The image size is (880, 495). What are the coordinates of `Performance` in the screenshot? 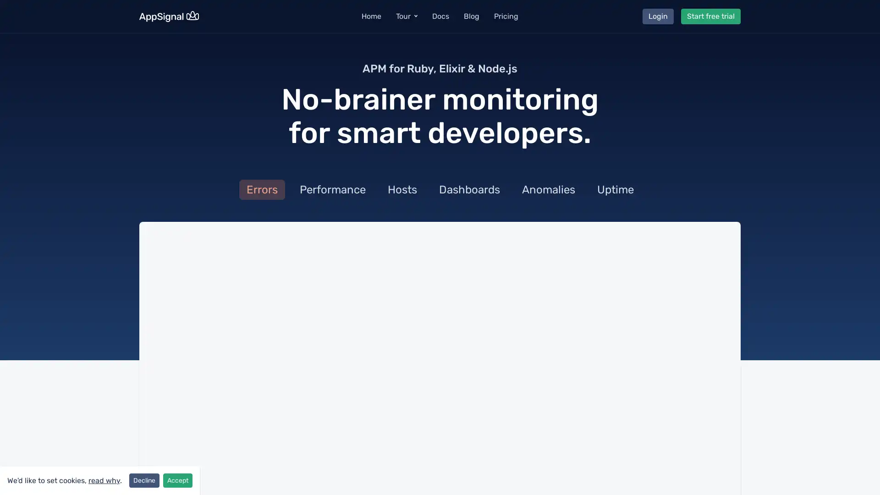 It's located at (331, 188).